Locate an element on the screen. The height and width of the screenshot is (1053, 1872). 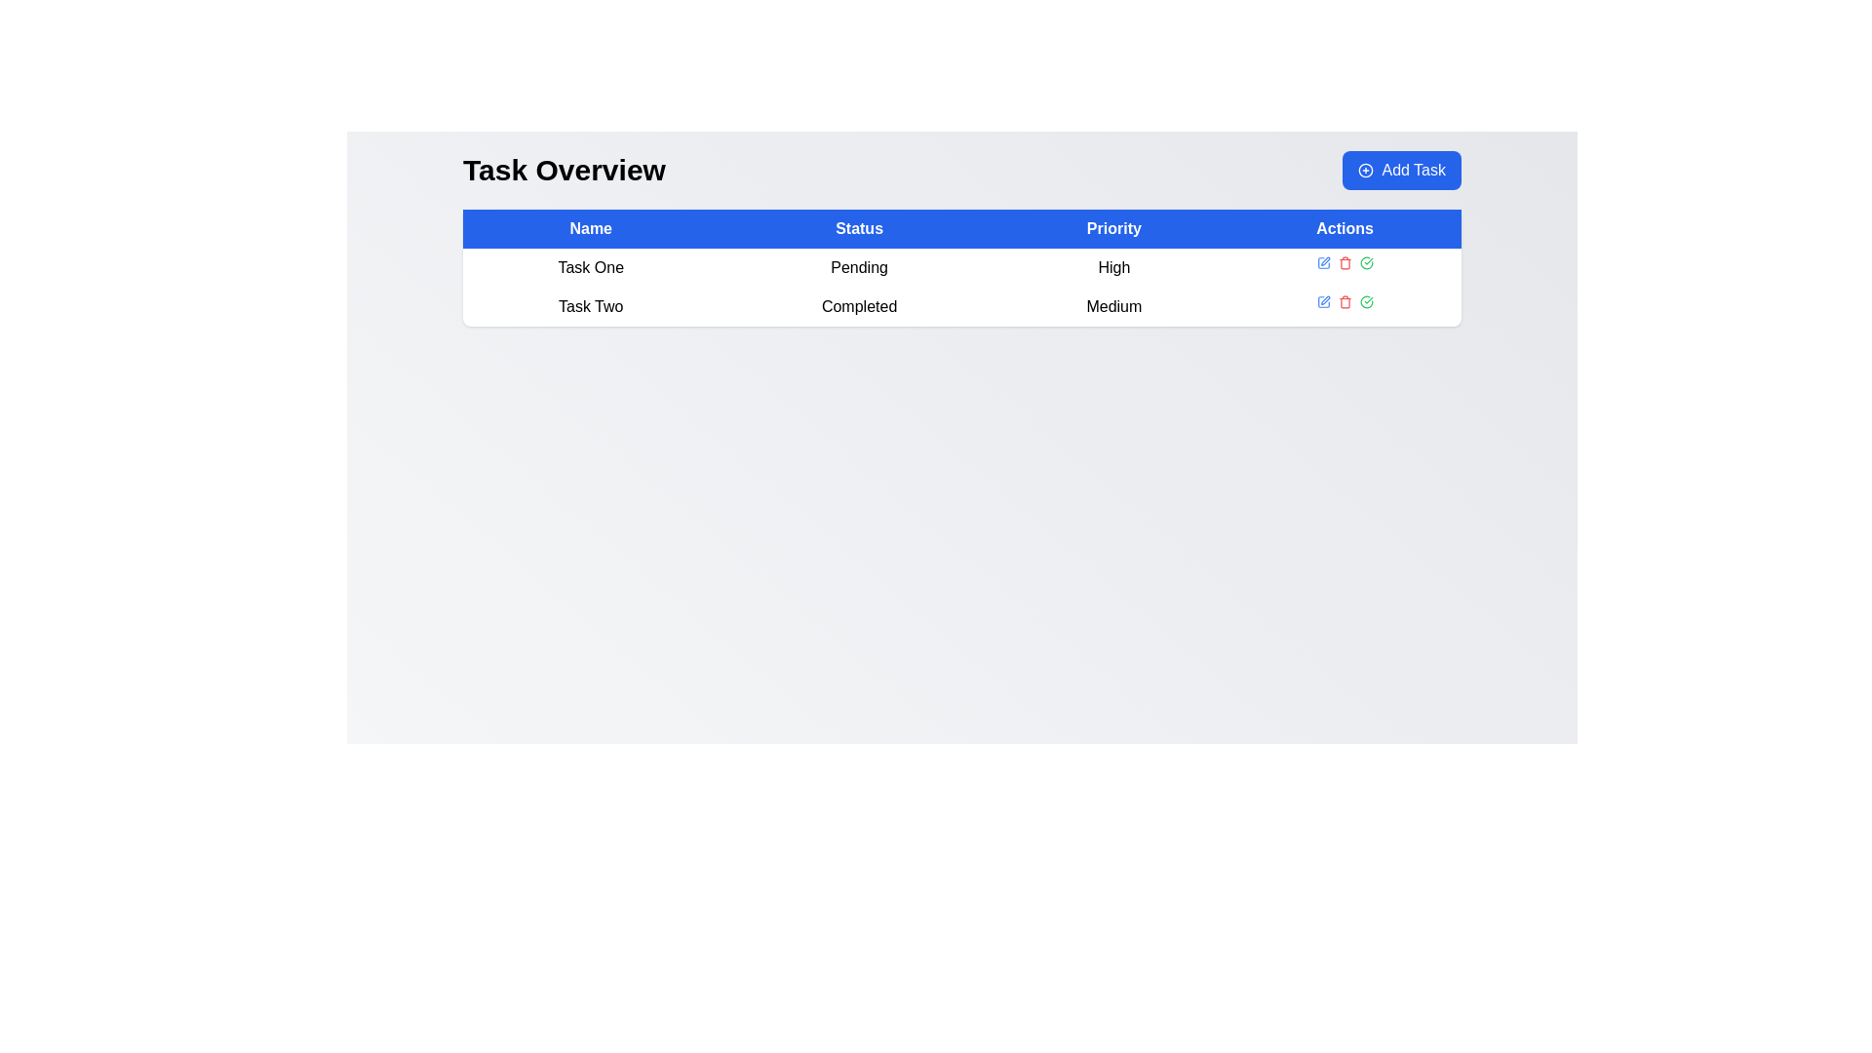
the edit button located in the 'Actions' column of the second row corresponding to 'Task One' to initiate an edit action is located at coordinates (1323, 263).